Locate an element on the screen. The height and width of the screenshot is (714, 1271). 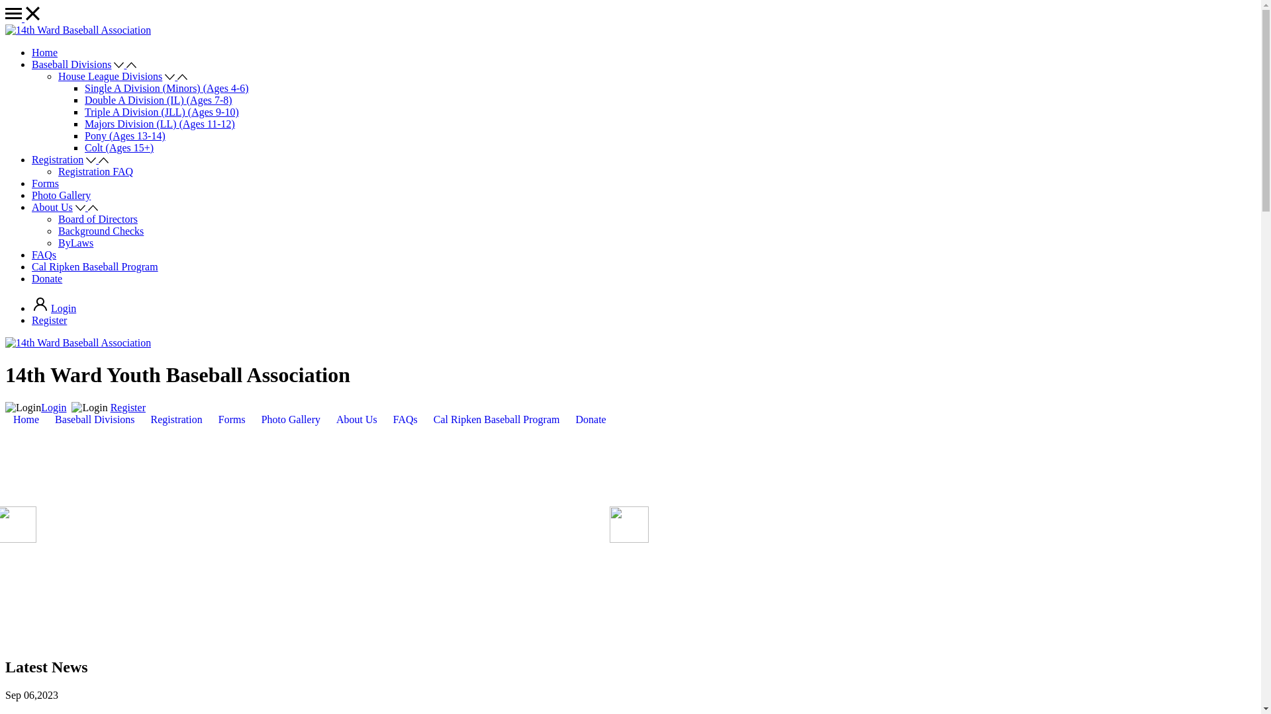
'14th Ward Baseball Association' is located at coordinates (77, 30).